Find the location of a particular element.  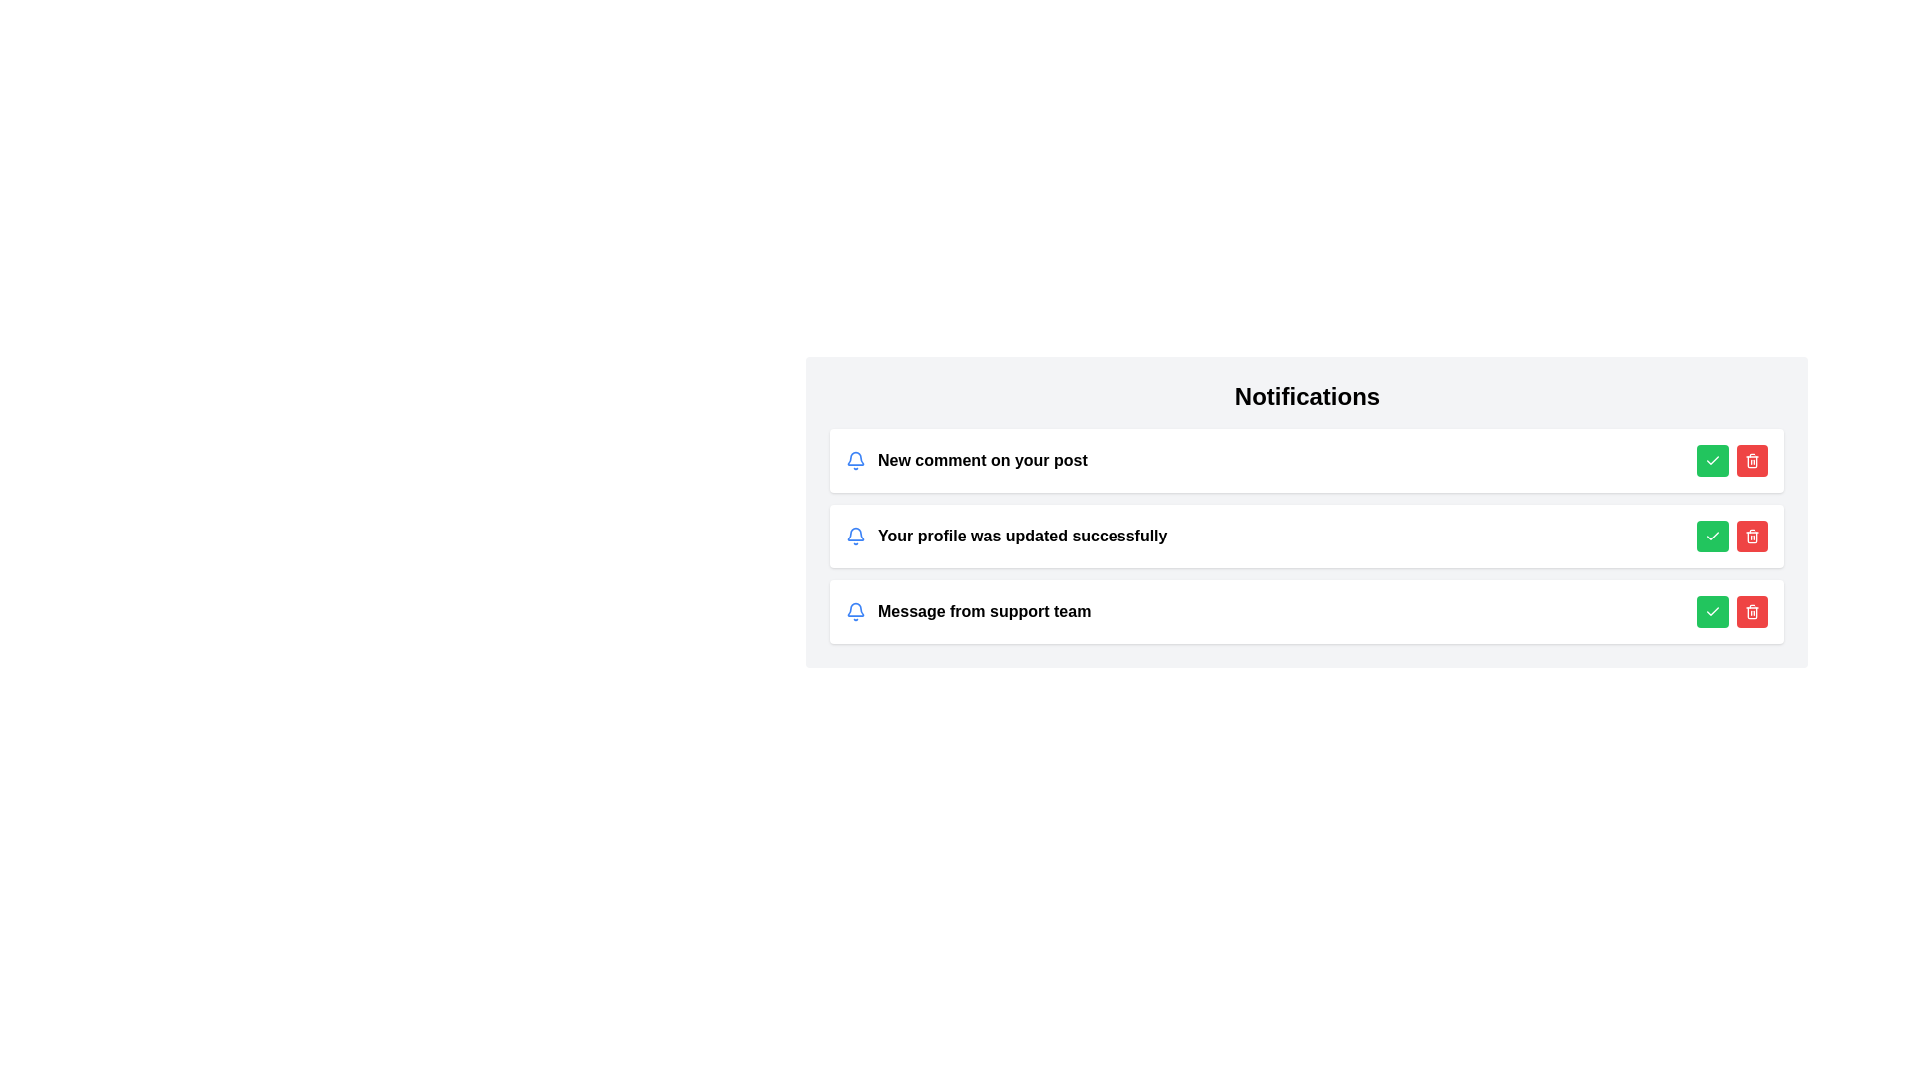

the delete button for the notification with text Your profile was updated successfully is located at coordinates (1751, 535).